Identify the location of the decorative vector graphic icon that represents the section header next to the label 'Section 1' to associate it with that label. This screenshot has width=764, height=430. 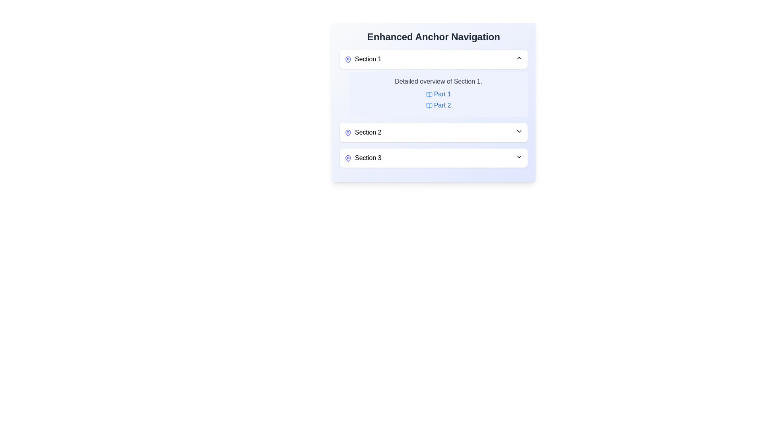
(348, 158).